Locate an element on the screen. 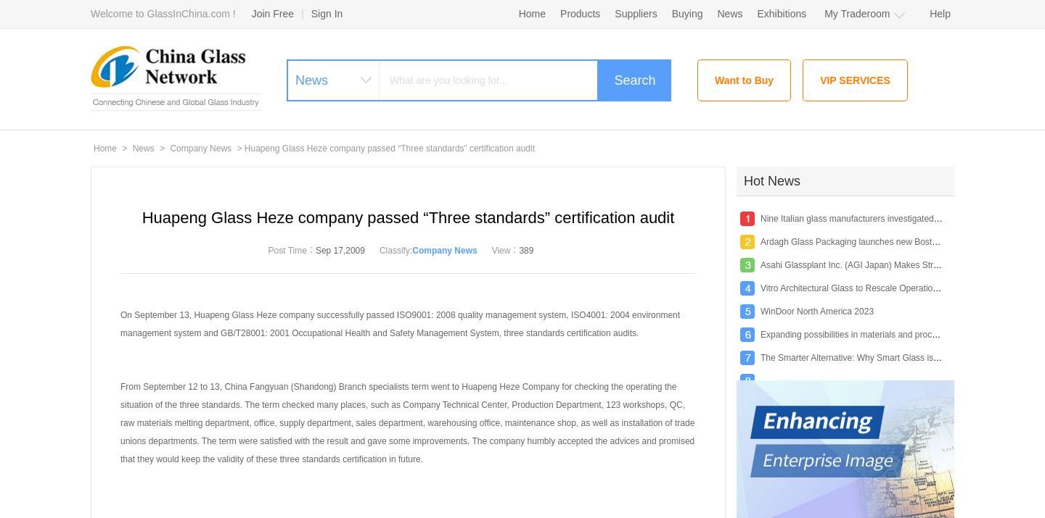 The image size is (1045, 518). 'Hot News' is located at coordinates (772, 180).